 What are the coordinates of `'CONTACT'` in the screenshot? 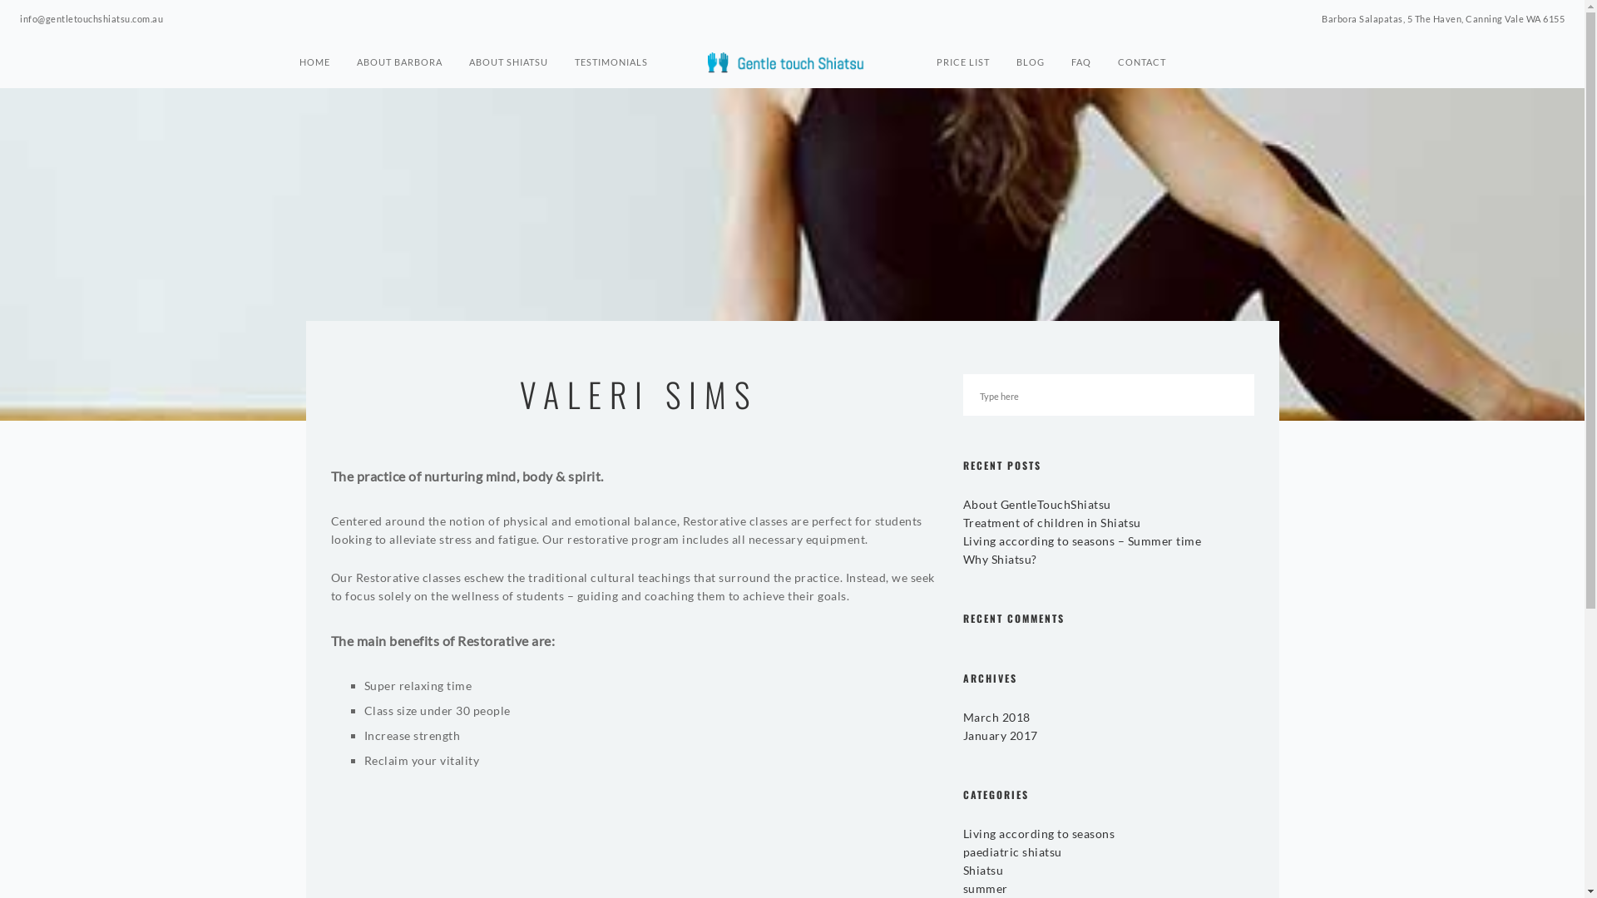 It's located at (1140, 62).